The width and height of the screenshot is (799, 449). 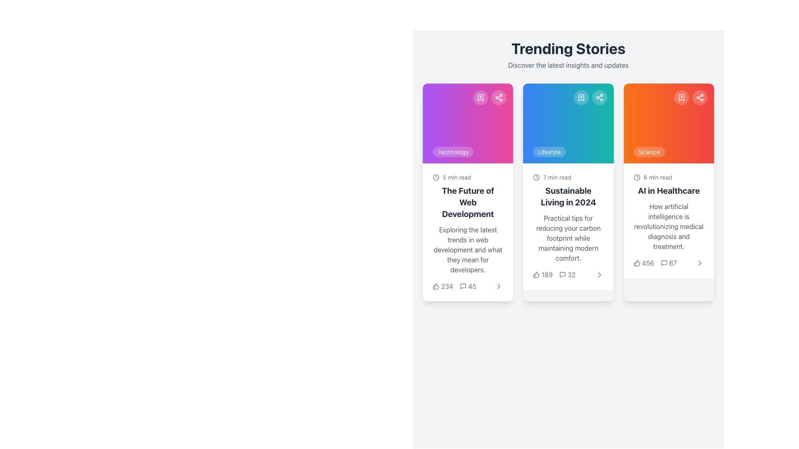 I want to click on the small 'share' icon located in the top-right corner of the 'Technology' card in the 'Trending Stories' section, so click(x=499, y=97).